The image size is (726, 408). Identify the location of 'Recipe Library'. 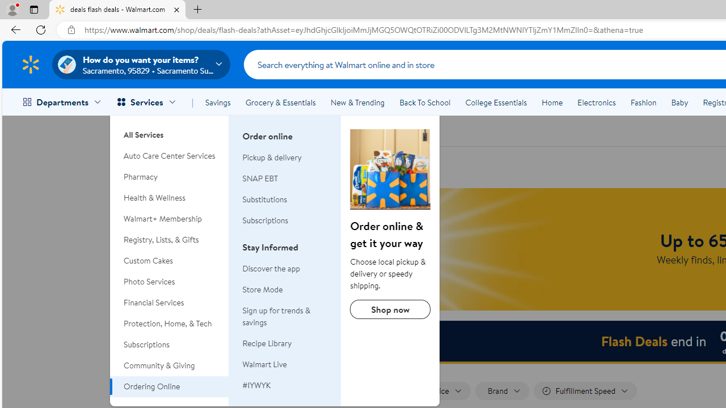
(285, 343).